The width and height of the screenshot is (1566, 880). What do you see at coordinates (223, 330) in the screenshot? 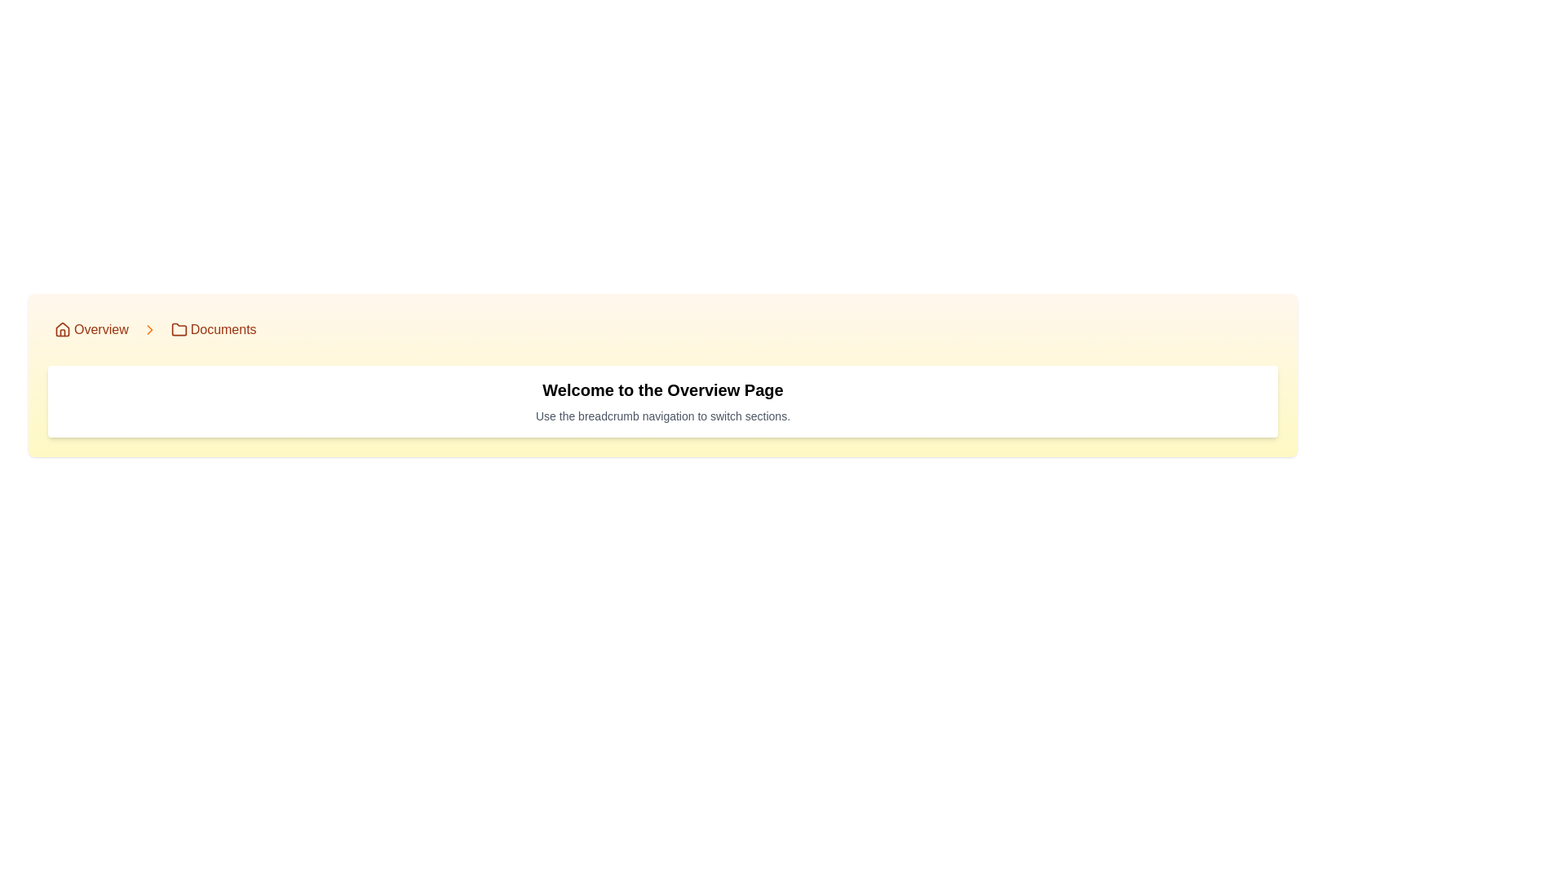
I see `the 'Documents' text label in the breadcrumb navigation` at bounding box center [223, 330].